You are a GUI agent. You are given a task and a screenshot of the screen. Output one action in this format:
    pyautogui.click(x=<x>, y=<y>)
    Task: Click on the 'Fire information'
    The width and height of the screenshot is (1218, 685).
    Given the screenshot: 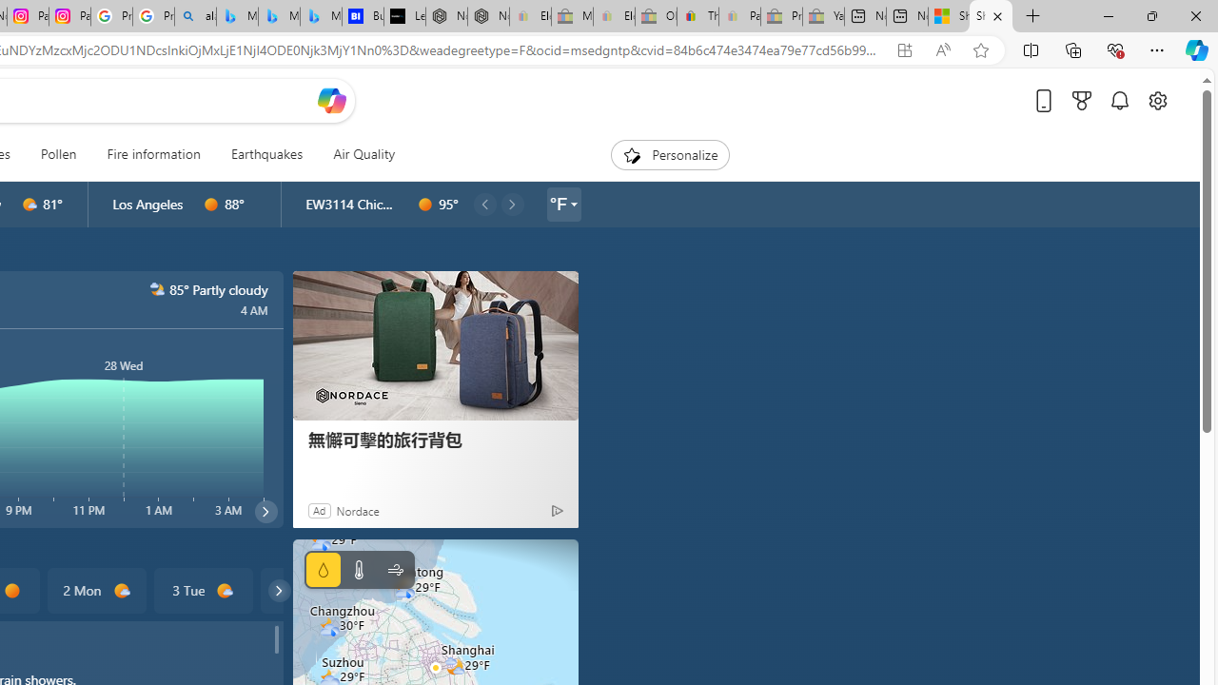 What is the action you would take?
    pyautogui.click(x=153, y=154)
    